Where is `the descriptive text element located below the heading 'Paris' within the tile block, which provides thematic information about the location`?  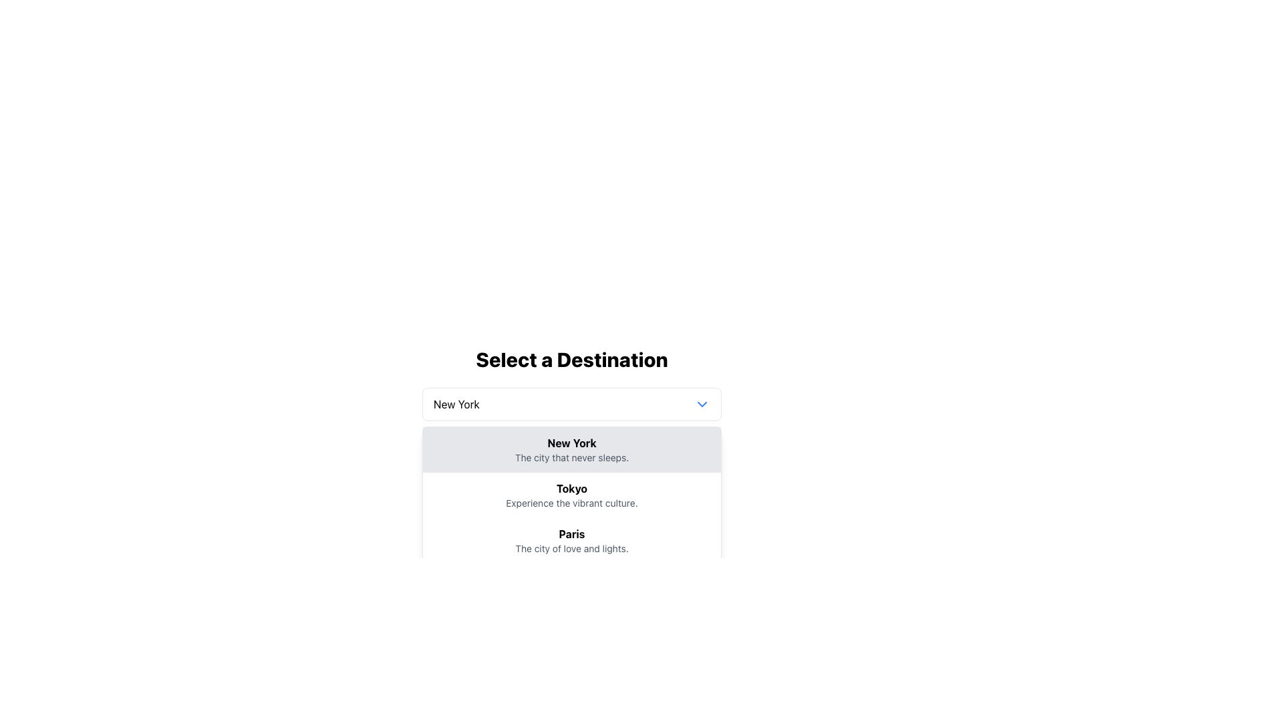
the descriptive text element located below the heading 'Paris' within the tile block, which provides thematic information about the location is located at coordinates (571, 549).